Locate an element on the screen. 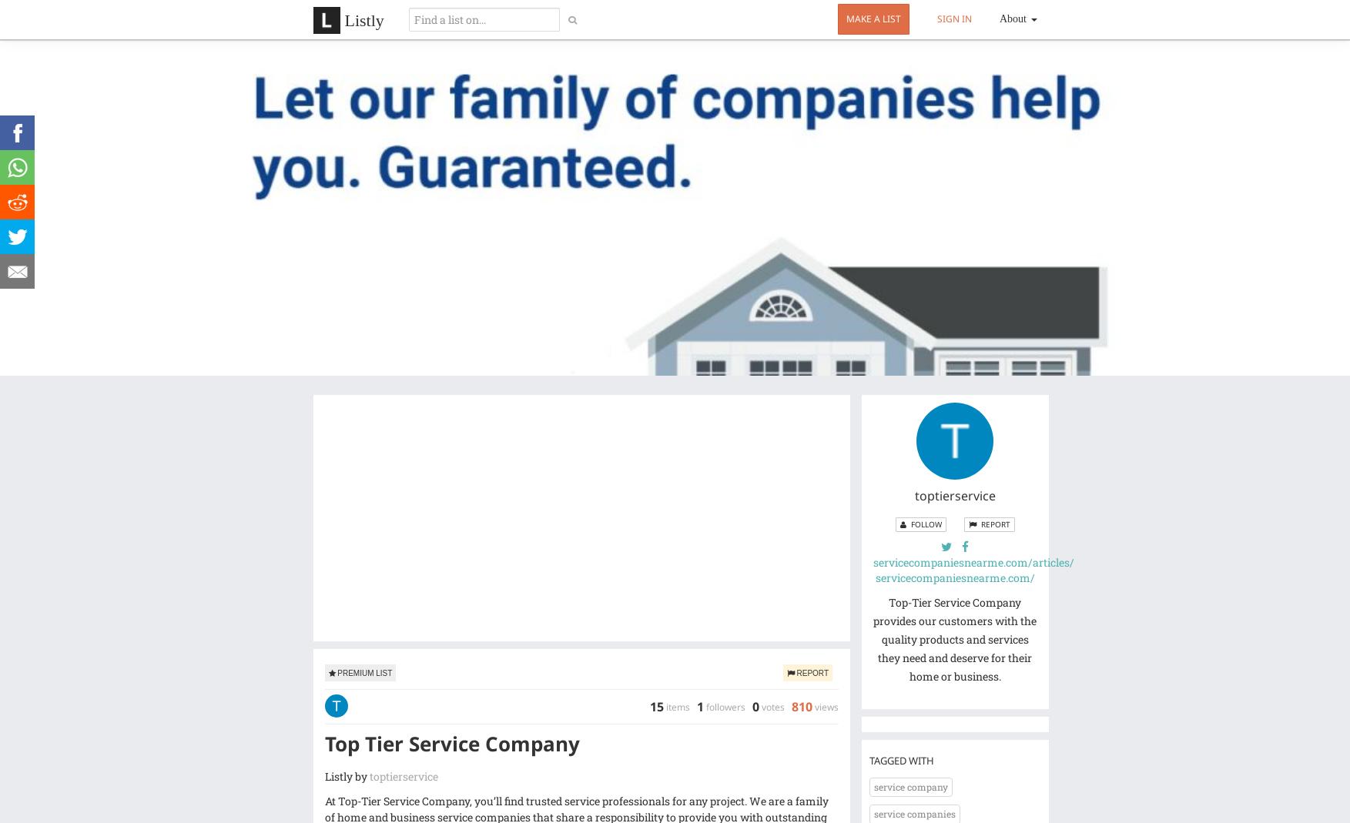 Image resolution: width=1350 pixels, height=823 pixels. 'service companies' is located at coordinates (874, 814).